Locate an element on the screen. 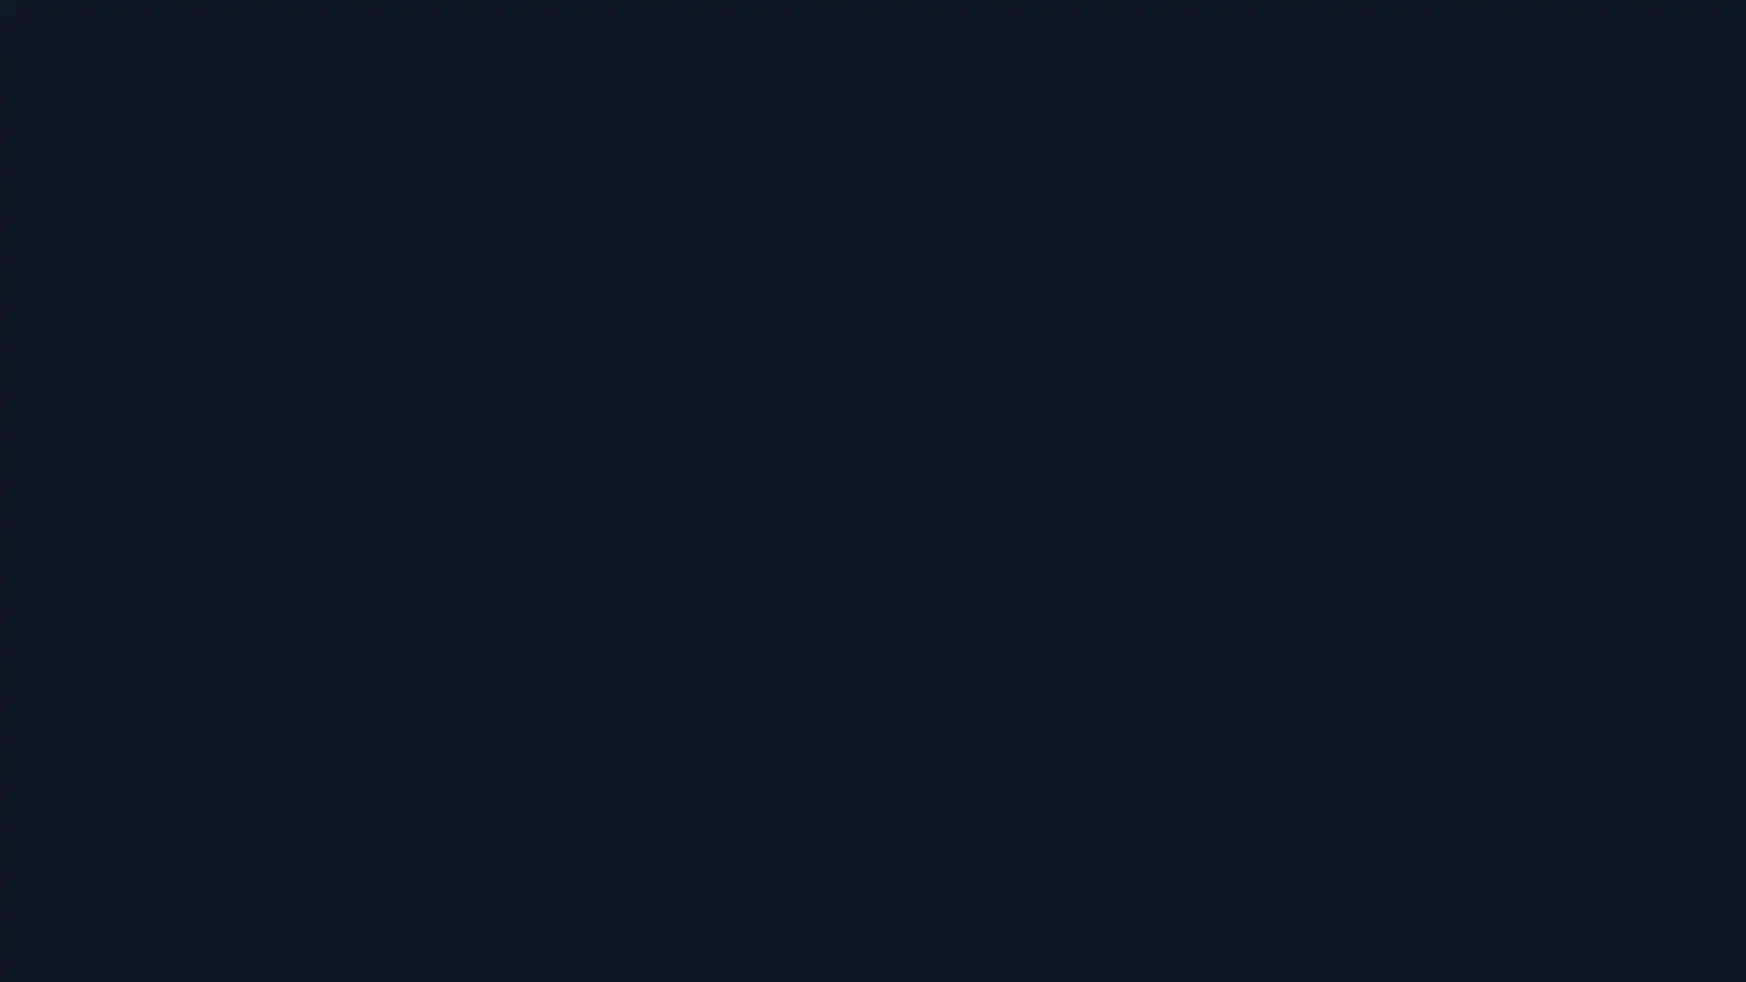 This screenshot has width=1746, height=982. Google Google is located at coordinates (873, 501).